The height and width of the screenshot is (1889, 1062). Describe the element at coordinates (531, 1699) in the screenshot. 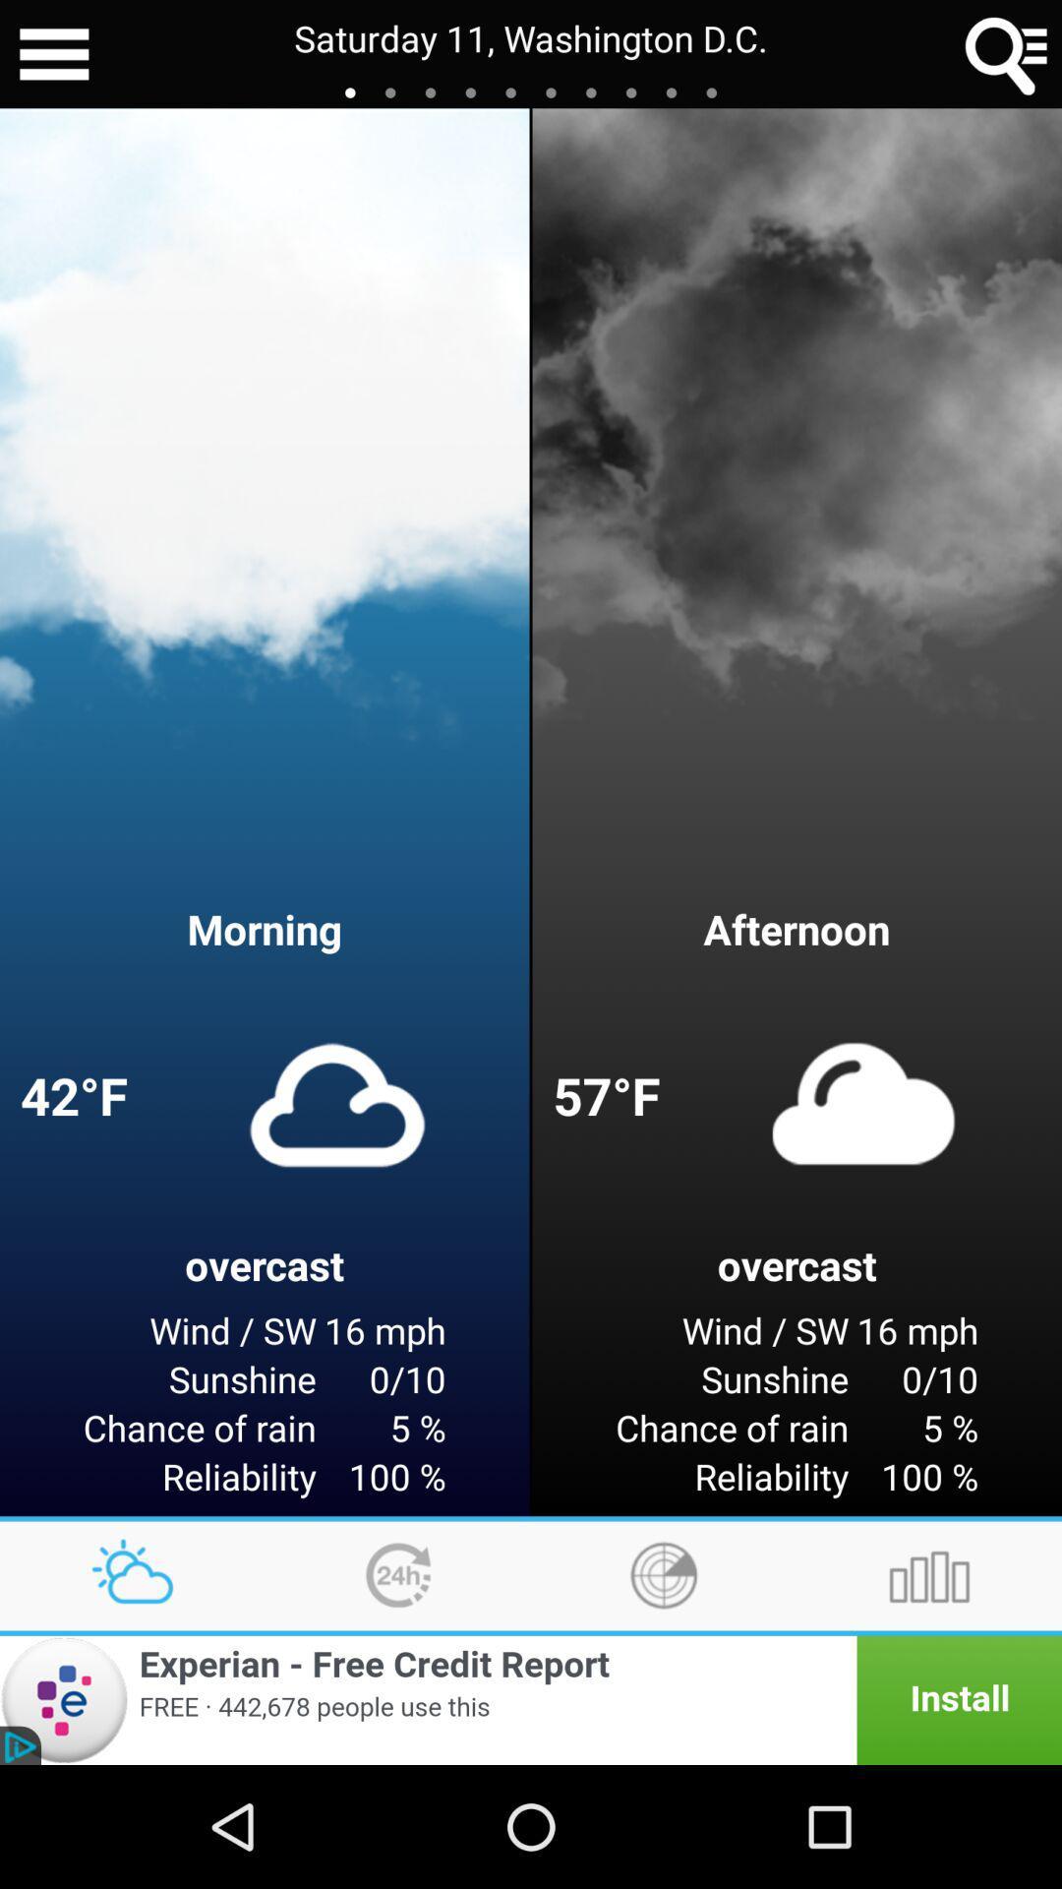

I see `open the advertisement` at that location.